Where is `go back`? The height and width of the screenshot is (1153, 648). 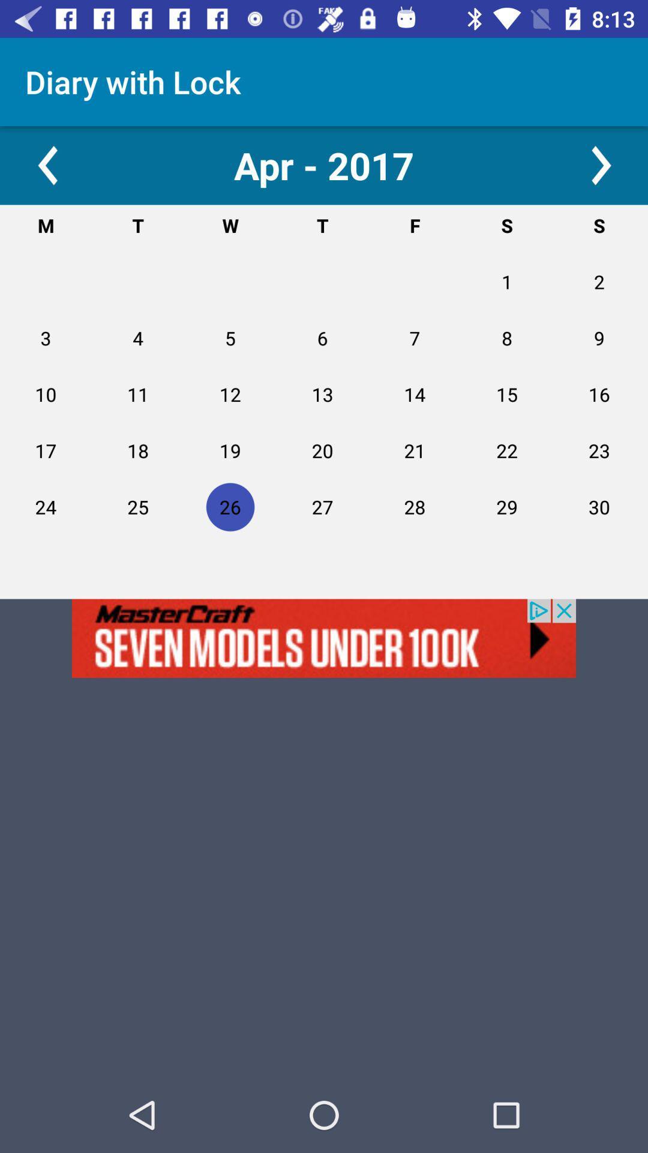 go back is located at coordinates (46, 165).